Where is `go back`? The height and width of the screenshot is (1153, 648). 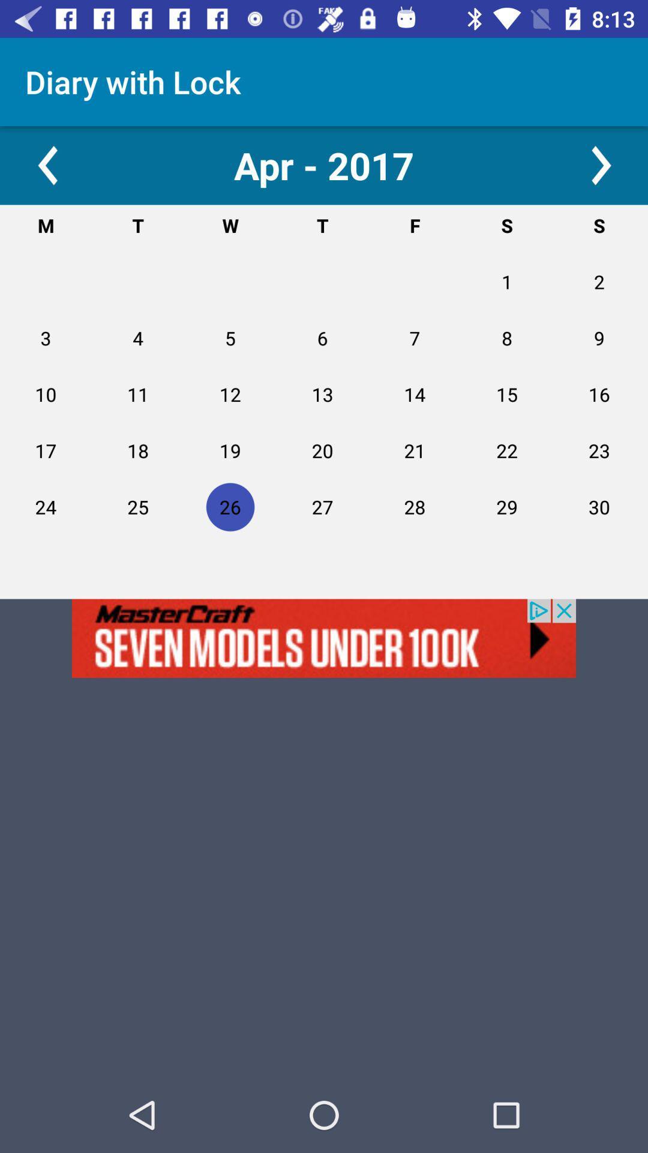 go back is located at coordinates (46, 165).